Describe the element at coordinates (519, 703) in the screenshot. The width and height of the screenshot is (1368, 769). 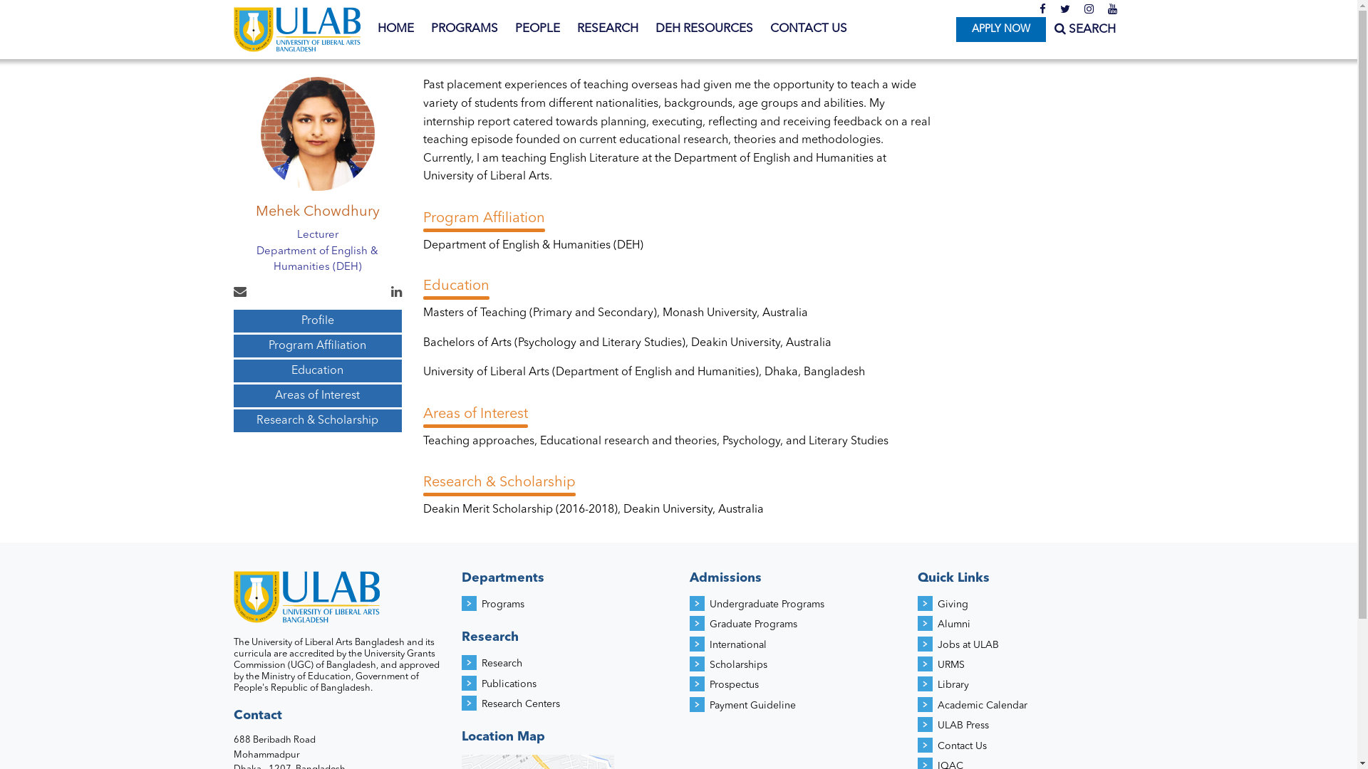
I see `'Research Centers'` at that location.